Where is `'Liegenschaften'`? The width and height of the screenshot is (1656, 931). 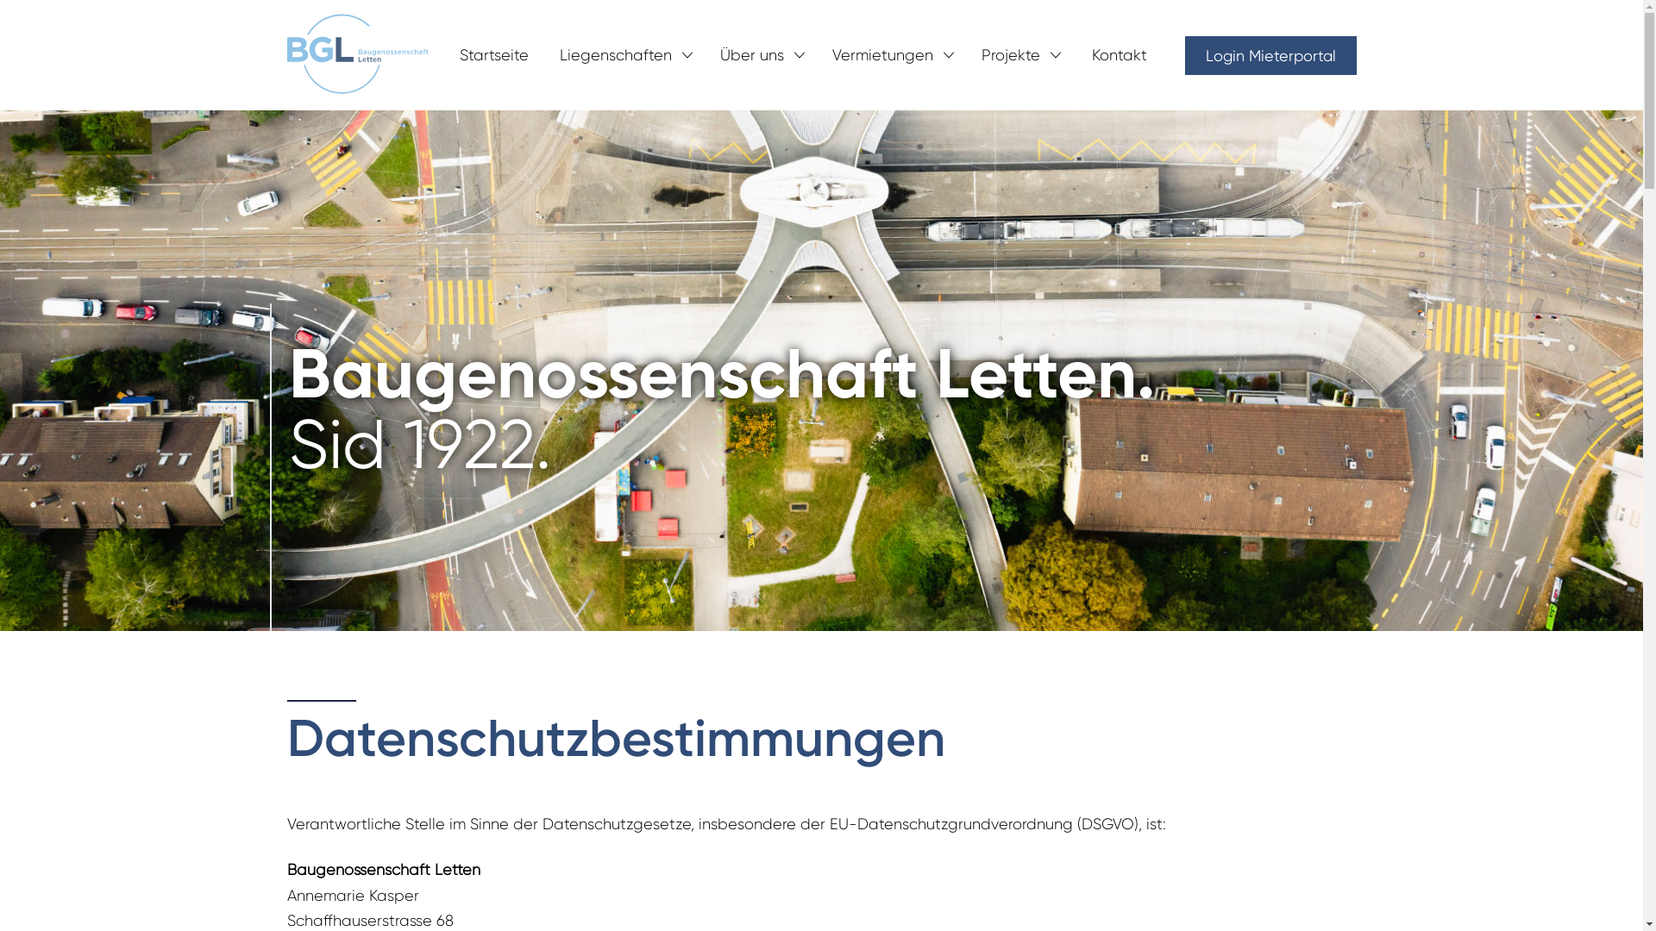 'Liegenschaften' is located at coordinates (615, 53).